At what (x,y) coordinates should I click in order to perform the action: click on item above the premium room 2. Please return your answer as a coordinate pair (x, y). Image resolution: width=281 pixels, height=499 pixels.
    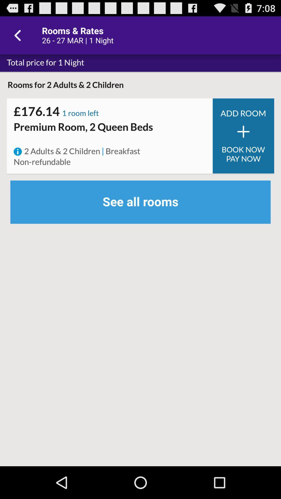
    Looking at the image, I should click on (109, 119).